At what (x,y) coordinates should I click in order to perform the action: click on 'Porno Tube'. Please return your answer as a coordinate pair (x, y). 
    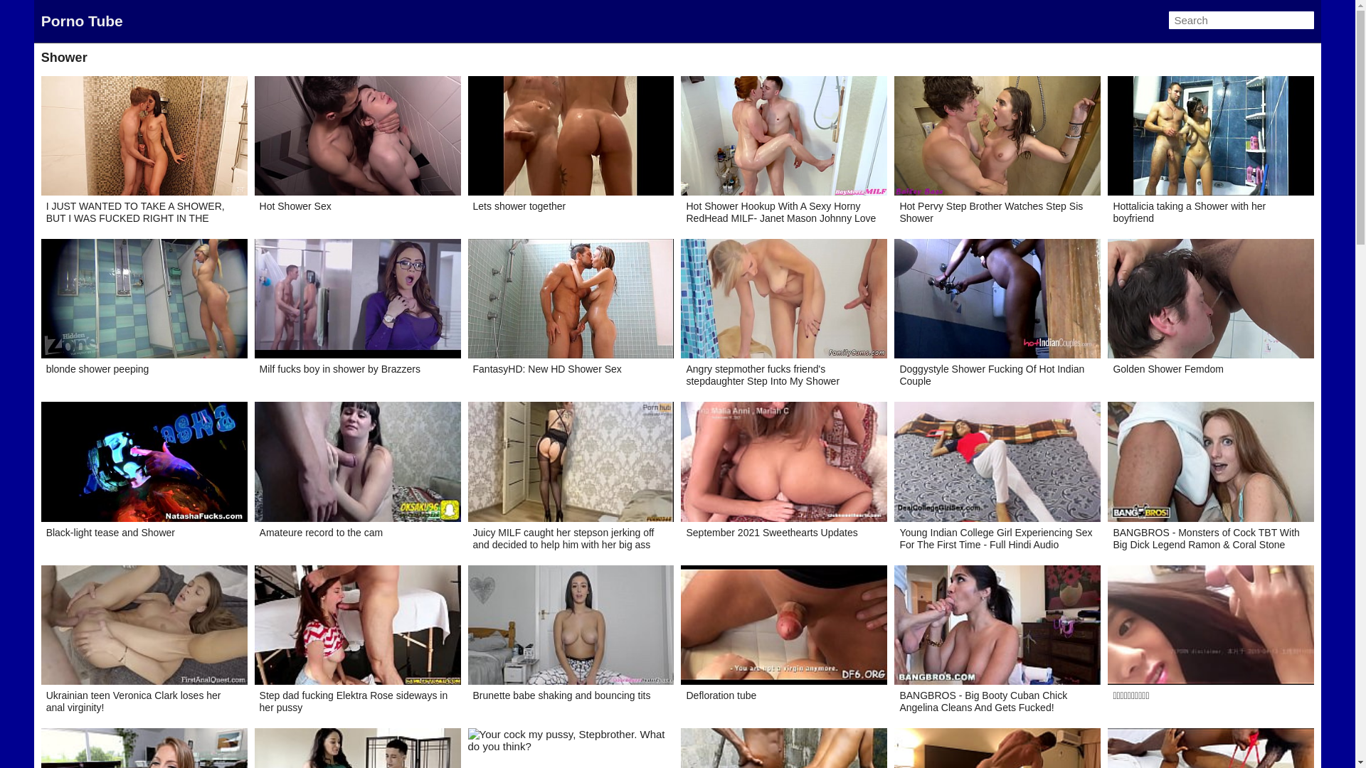
    Looking at the image, I should click on (81, 21).